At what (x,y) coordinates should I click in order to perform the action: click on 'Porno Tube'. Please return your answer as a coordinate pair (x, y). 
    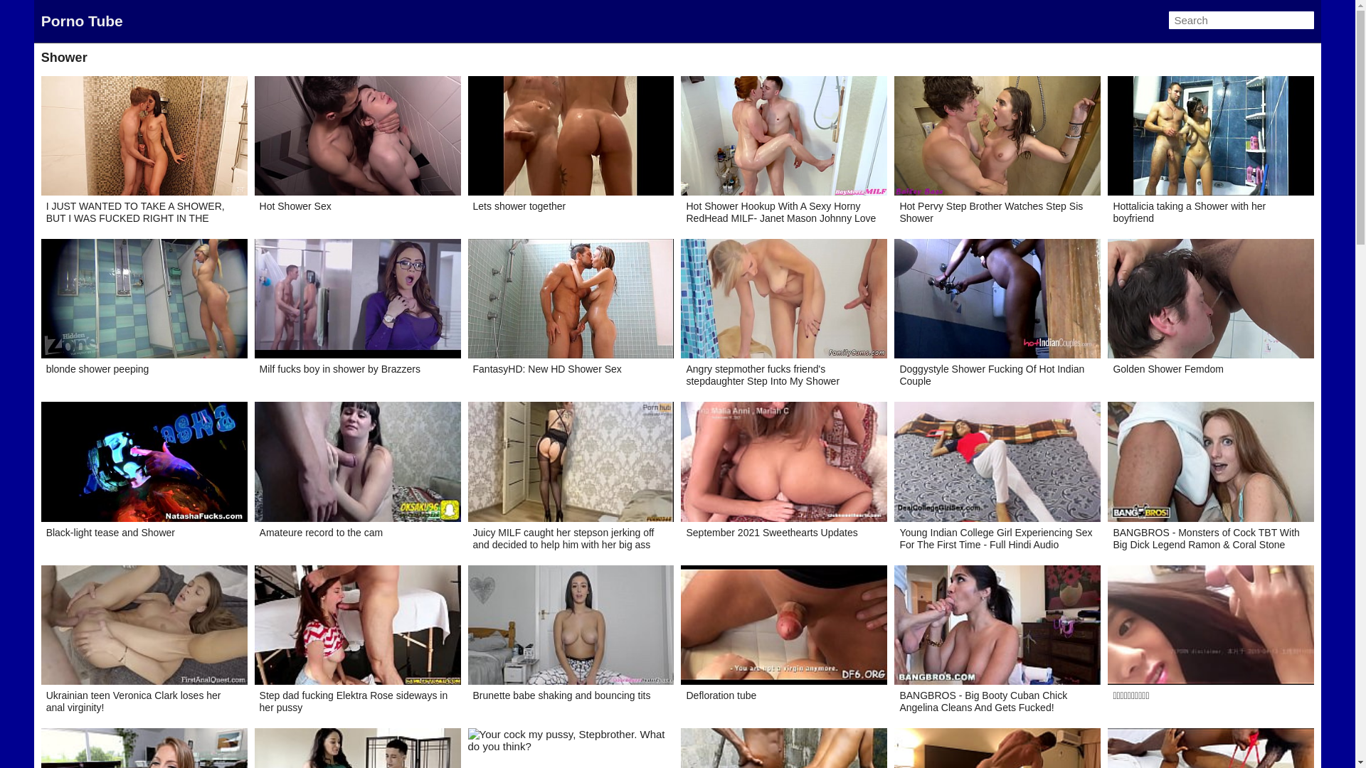
    Looking at the image, I should click on (81, 21).